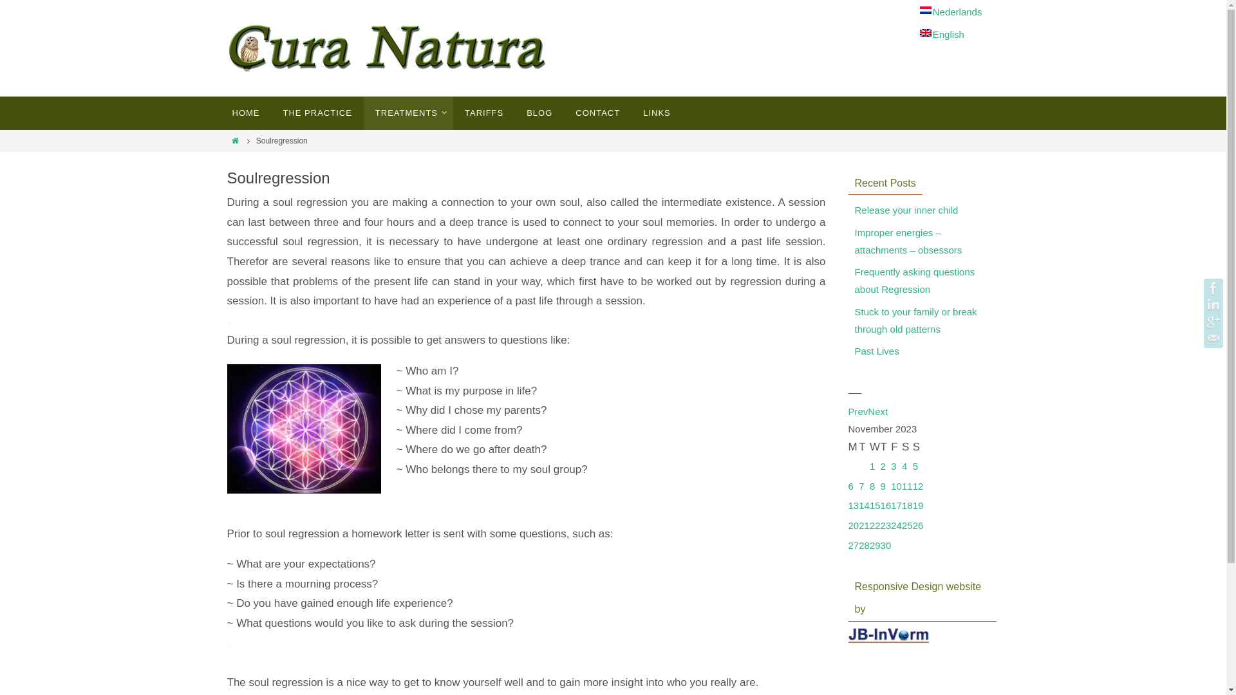 The width and height of the screenshot is (1236, 695). What do you see at coordinates (895, 526) in the screenshot?
I see `'24'` at bounding box center [895, 526].